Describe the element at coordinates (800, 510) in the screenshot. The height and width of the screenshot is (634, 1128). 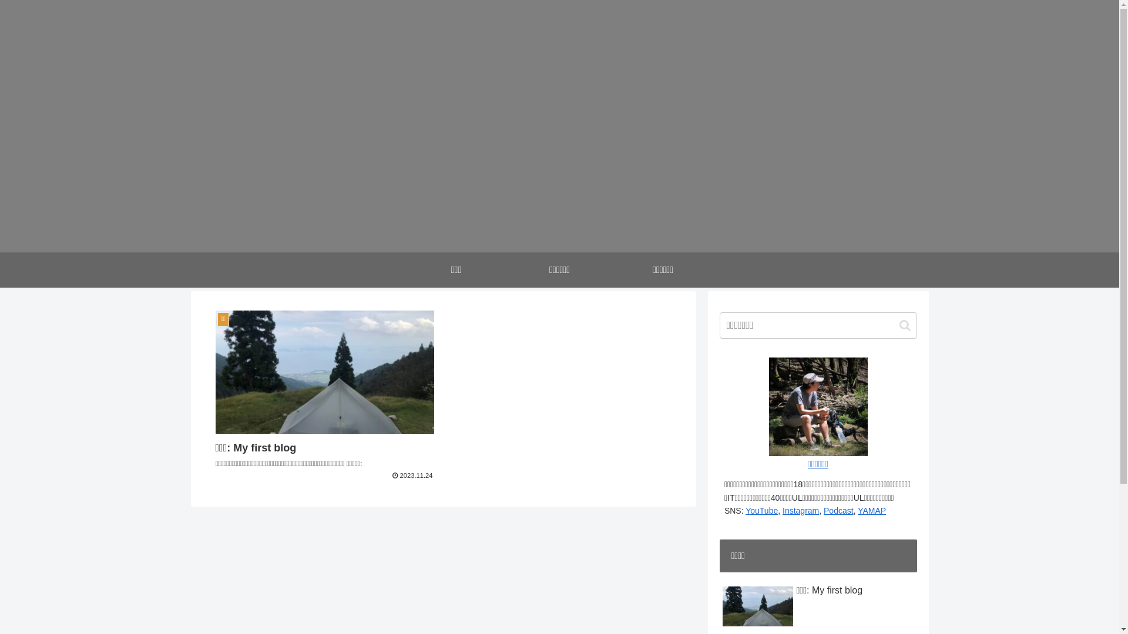
I see `'Instagram'` at that location.